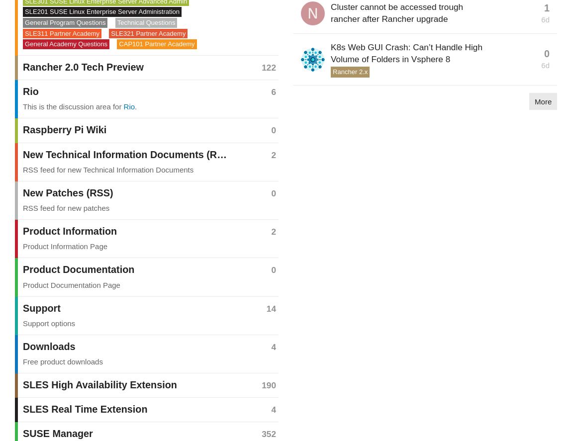  I want to click on 'CAP101 Partner Academy', so click(156, 43).